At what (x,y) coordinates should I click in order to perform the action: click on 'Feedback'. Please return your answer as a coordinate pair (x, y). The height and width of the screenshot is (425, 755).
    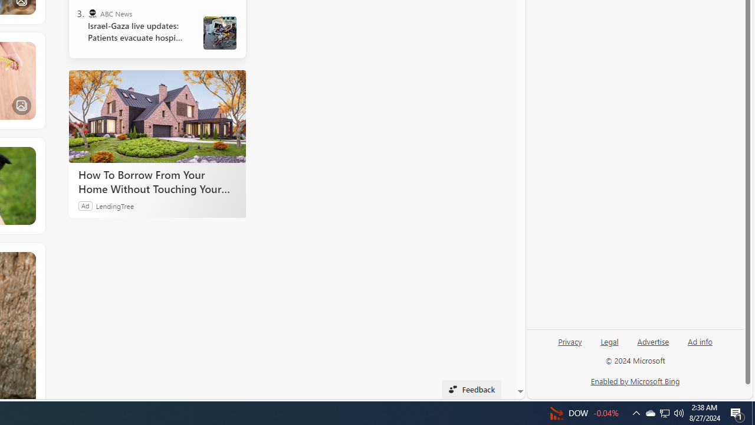
    Looking at the image, I should click on (471, 389).